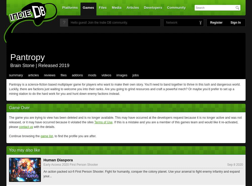  What do you see at coordinates (166, 22) in the screenshot?
I see `'Network'` at bounding box center [166, 22].